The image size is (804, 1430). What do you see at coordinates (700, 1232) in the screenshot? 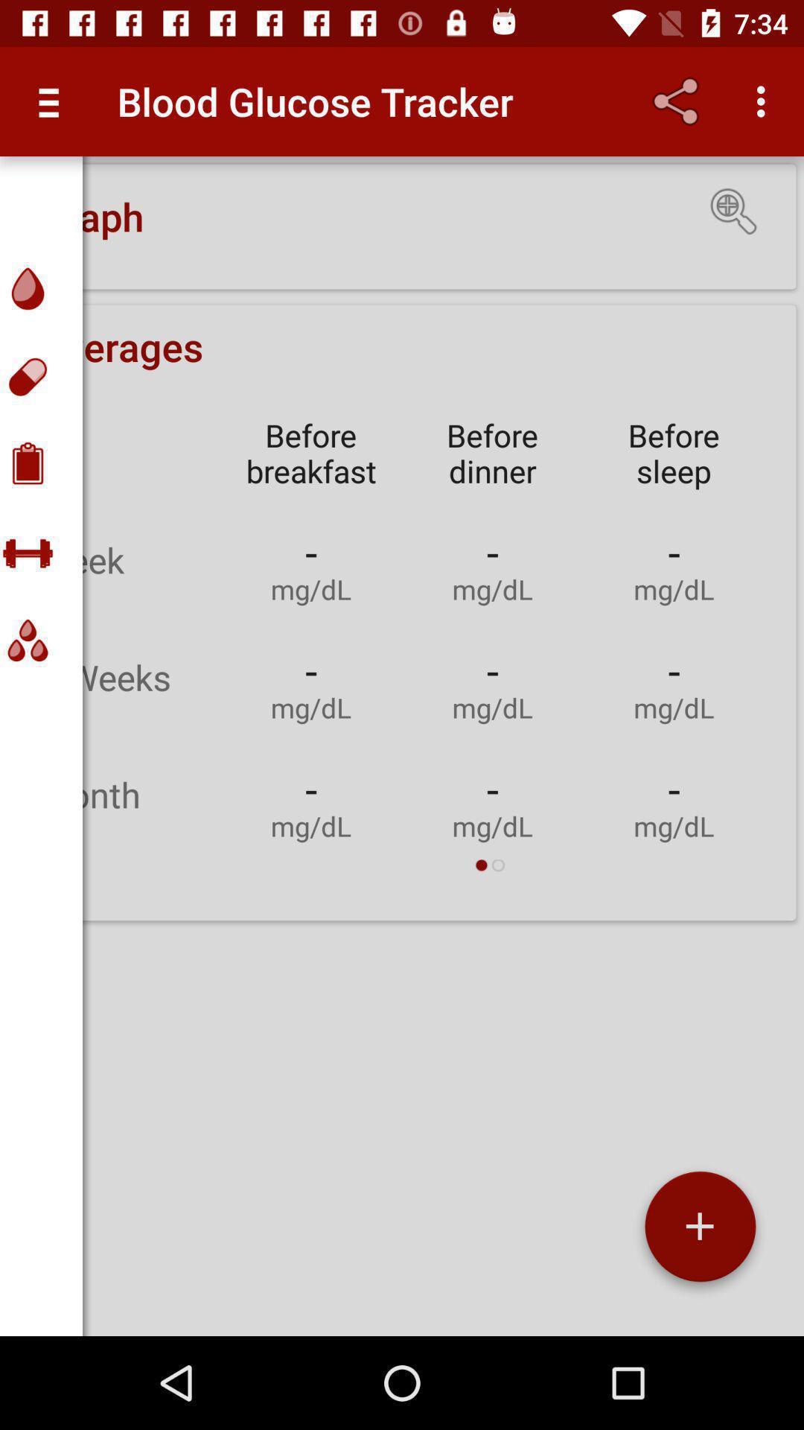
I see `the add icon` at bounding box center [700, 1232].